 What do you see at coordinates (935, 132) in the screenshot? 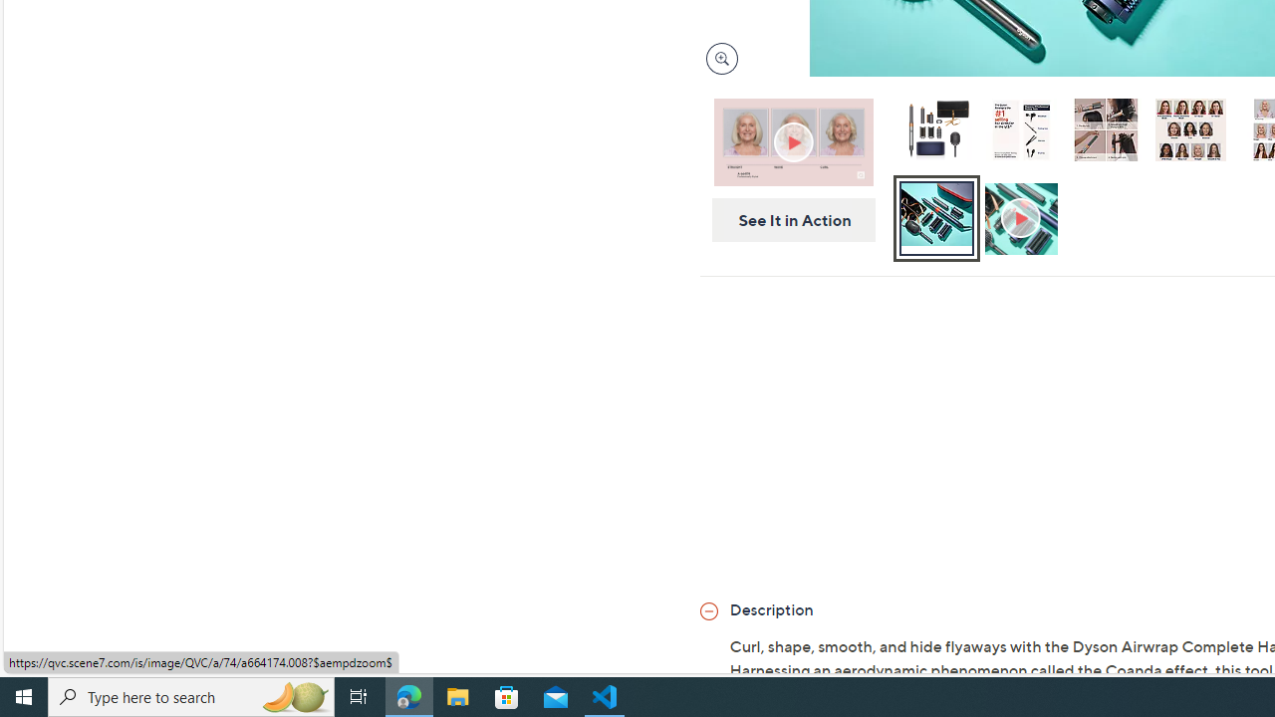
I see `'Dyson Airwrap Complete with Paddle Brush and Travel Pouch'` at bounding box center [935, 132].